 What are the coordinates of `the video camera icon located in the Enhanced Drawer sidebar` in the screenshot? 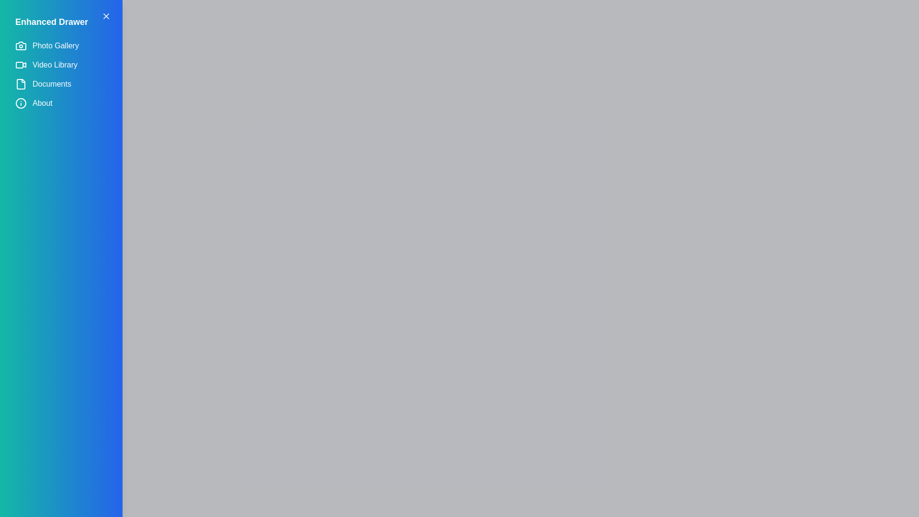 It's located at (21, 65).